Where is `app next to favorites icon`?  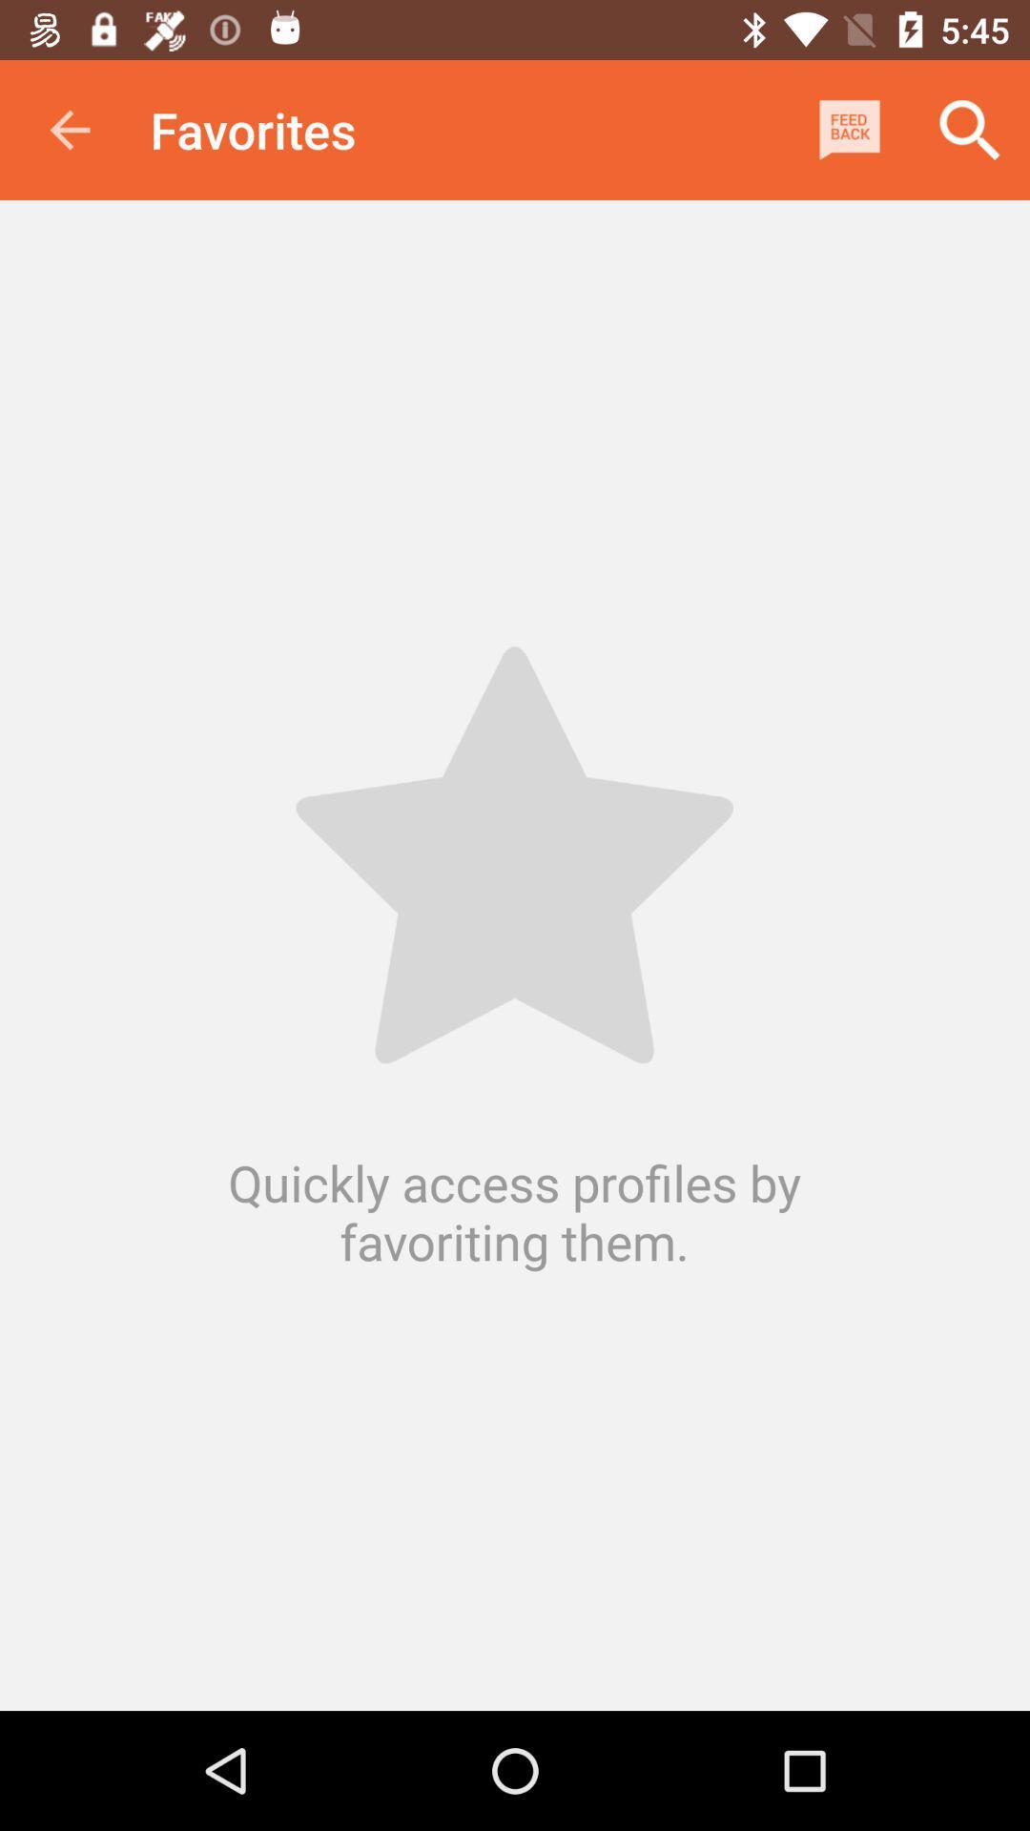 app next to favorites icon is located at coordinates (69, 129).